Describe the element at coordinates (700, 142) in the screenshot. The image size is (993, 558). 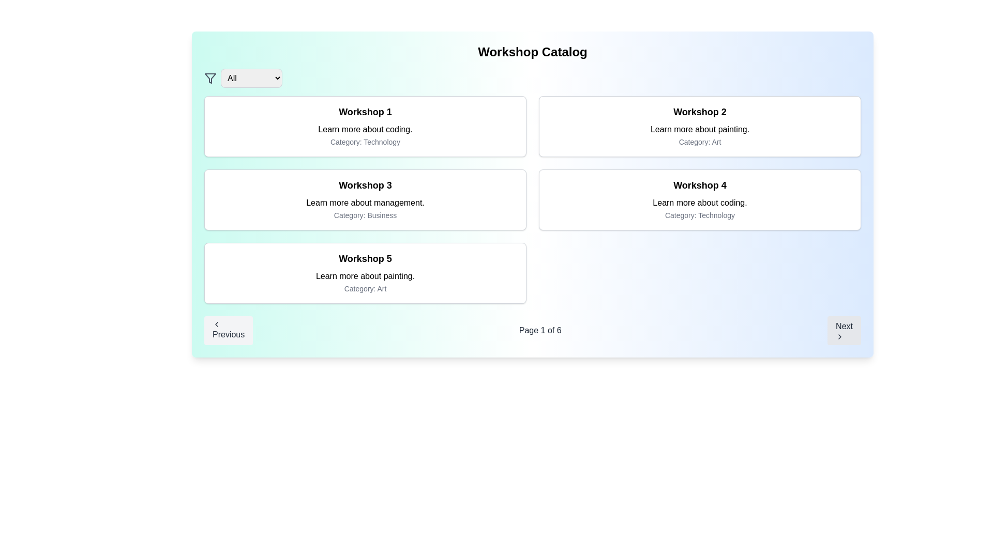
I see `text label that categorizes the content of 'Workshop 2', positioned centrally at the bottom of the workshop card` at that location.